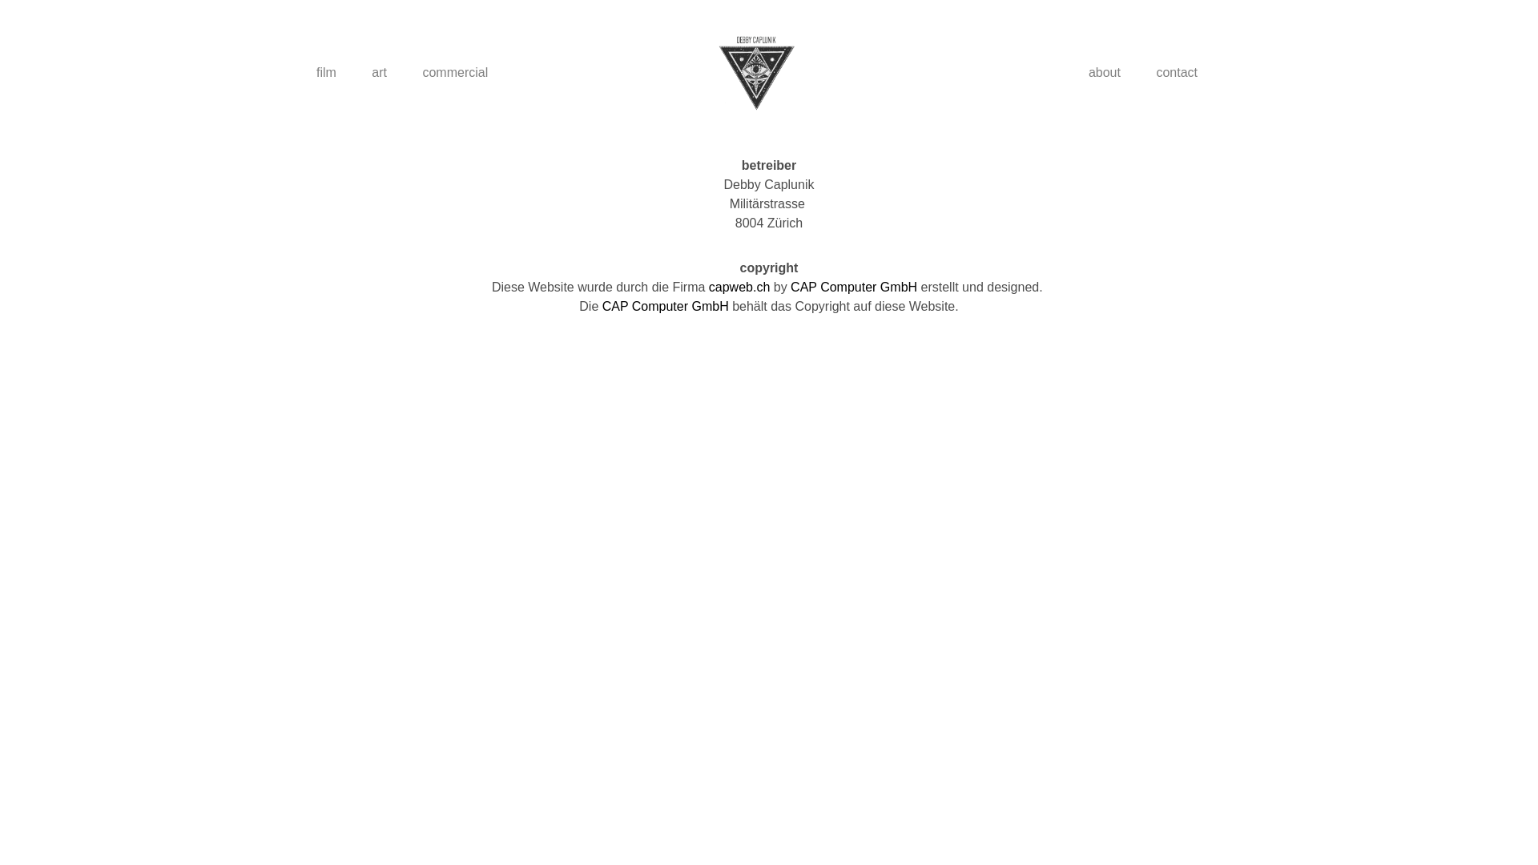  What do you see at coordinates (1103, 73) in the screenshot?
I see `'about'` at bounding box center [1103, 73].